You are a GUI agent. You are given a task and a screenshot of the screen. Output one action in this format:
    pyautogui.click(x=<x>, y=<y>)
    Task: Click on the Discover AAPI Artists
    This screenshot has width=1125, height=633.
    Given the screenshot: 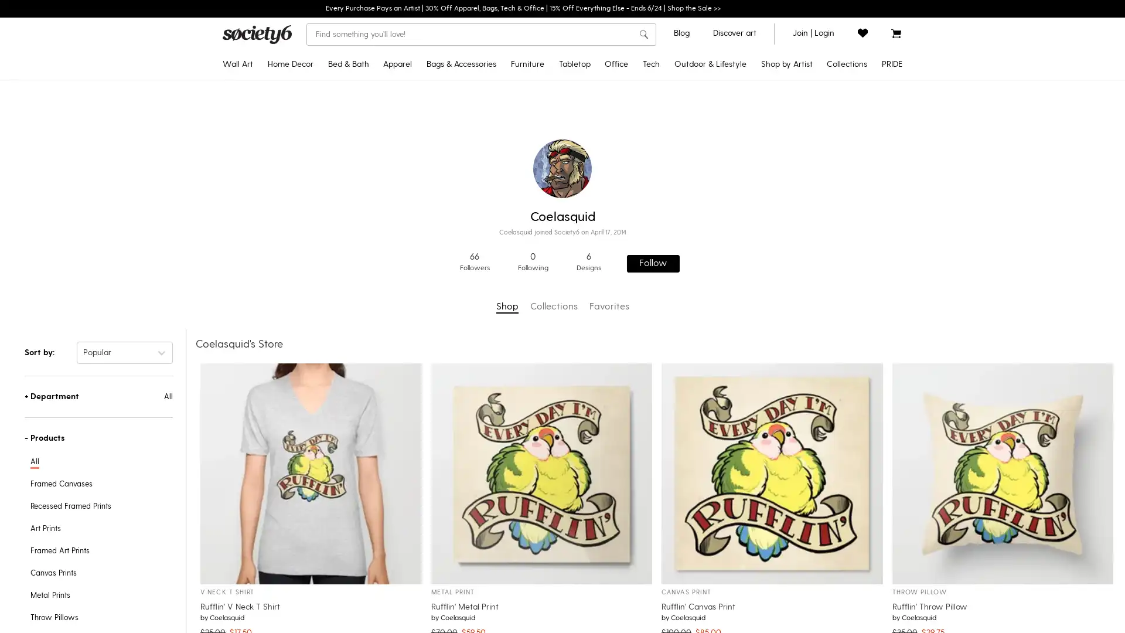 What is the action you would take?
    pyautogui.click(x=755, y=169)
    